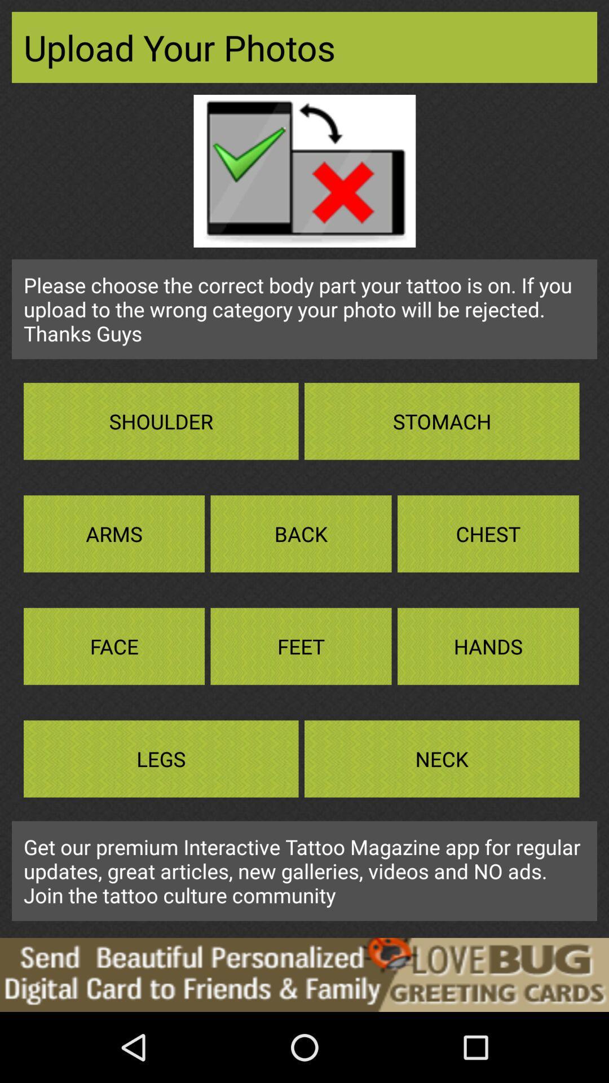  Describe the element at coordinates (304, 974) in the screenshot. I see `click on advertisements` at that location.